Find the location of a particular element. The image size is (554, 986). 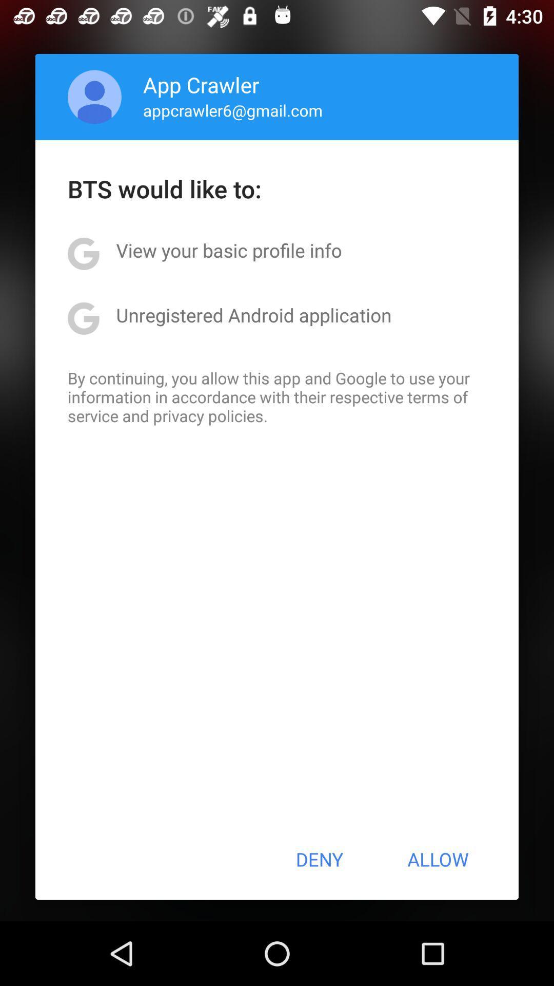

app above the appcrawler6@gmail.com item is located at coordinates (201, 84).